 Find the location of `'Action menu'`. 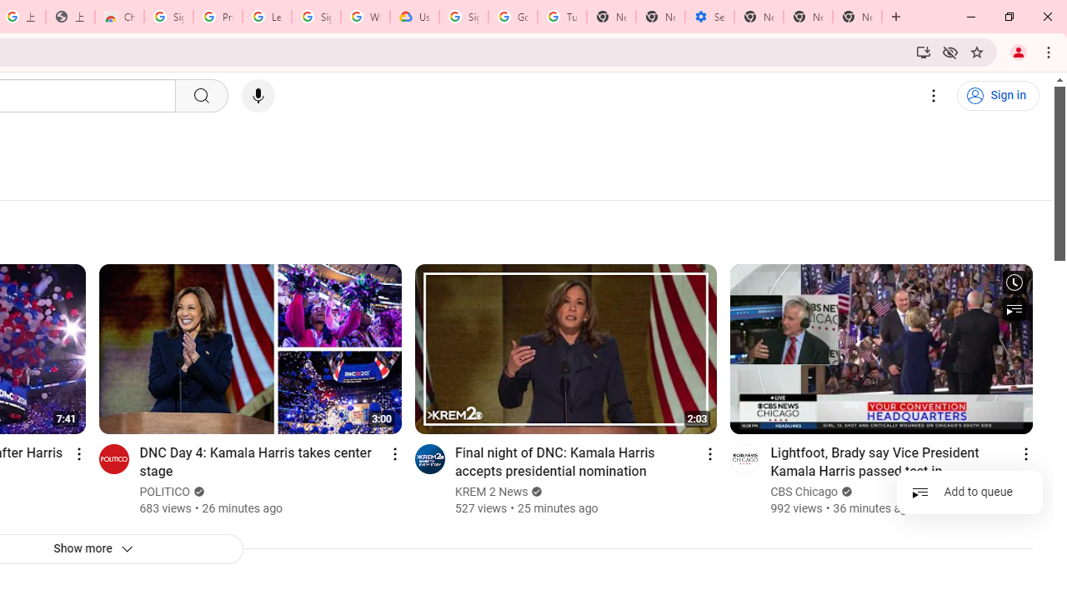

'Action menu' is located at coordinates (1024, 453).